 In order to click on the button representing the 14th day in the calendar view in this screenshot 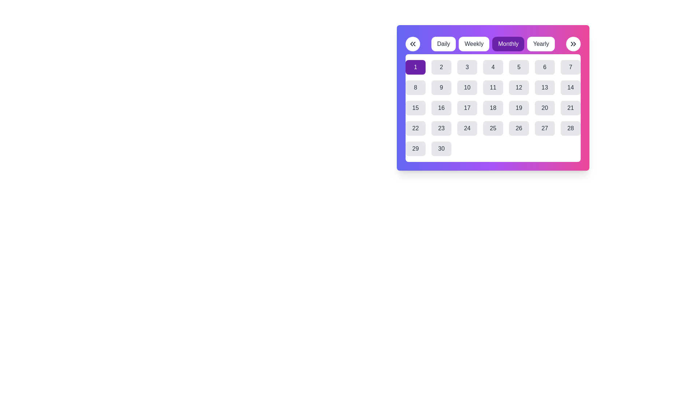, I will do `click(570, 87)`.